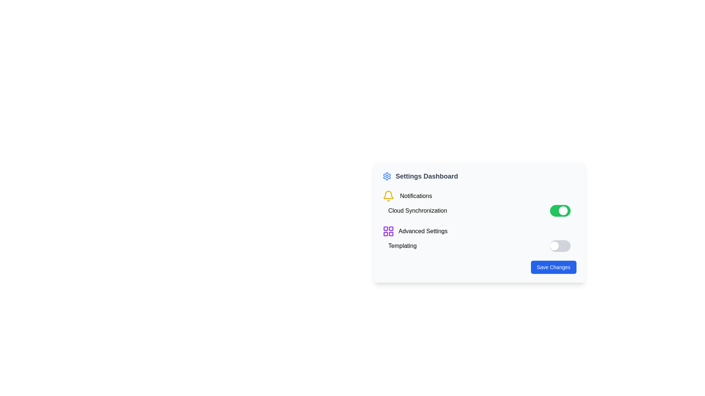  Describe the element at coordinates (563, 210) in the screenshot. I see `the toggle switch handle located at the top-right corner of the settings panel` at that location.